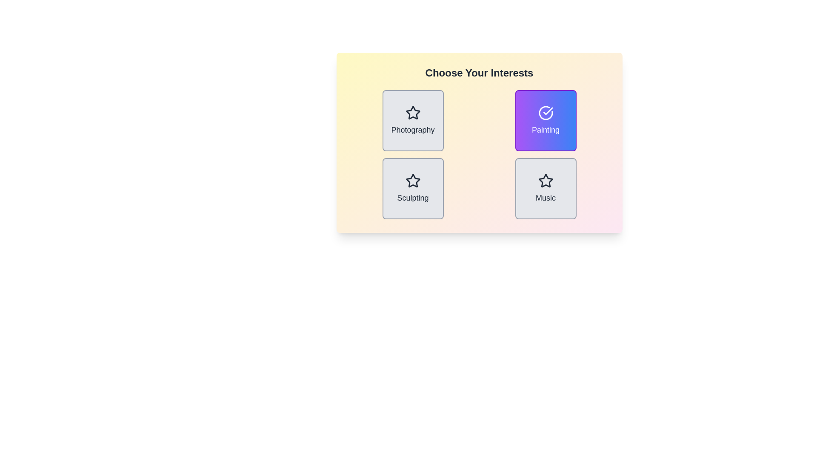 The width and height of the screenshot is (817, 459). I want to click on the item Photography to observe its visual feedback, so click(413, 121).